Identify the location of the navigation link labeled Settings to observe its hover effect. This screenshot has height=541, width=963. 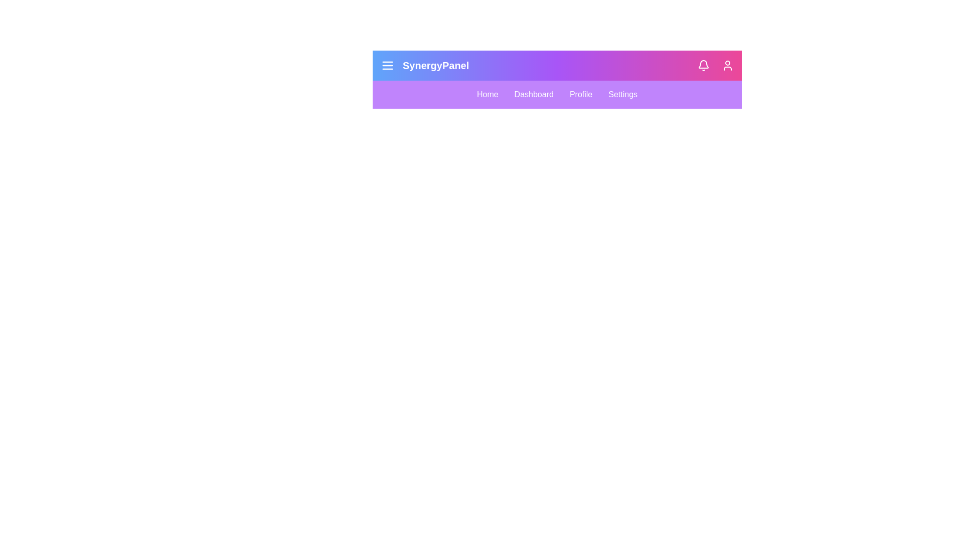
(622, 95).